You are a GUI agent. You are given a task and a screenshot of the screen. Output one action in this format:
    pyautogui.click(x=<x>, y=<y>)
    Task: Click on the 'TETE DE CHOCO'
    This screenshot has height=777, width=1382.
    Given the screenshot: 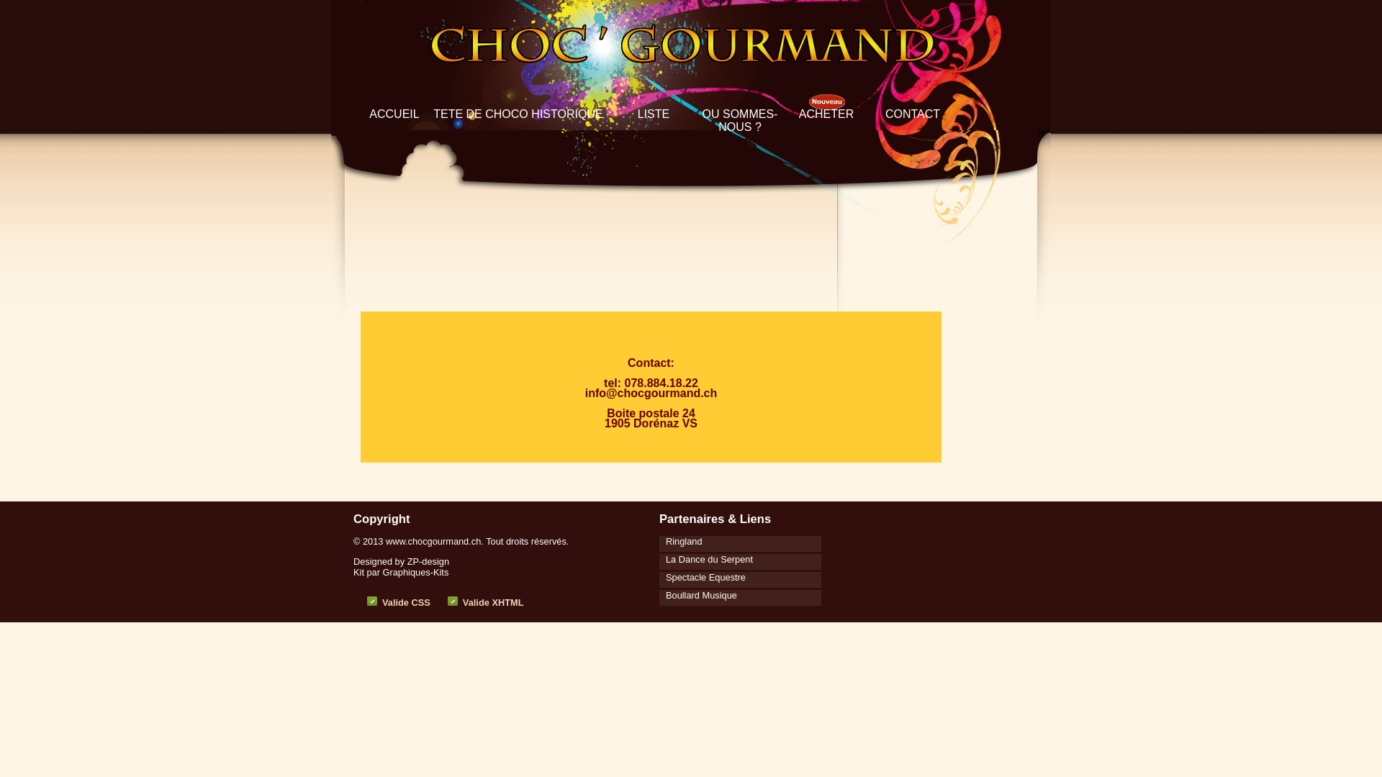 What is the action you would take?
    pyautogui.click(x=432, y=113)
    